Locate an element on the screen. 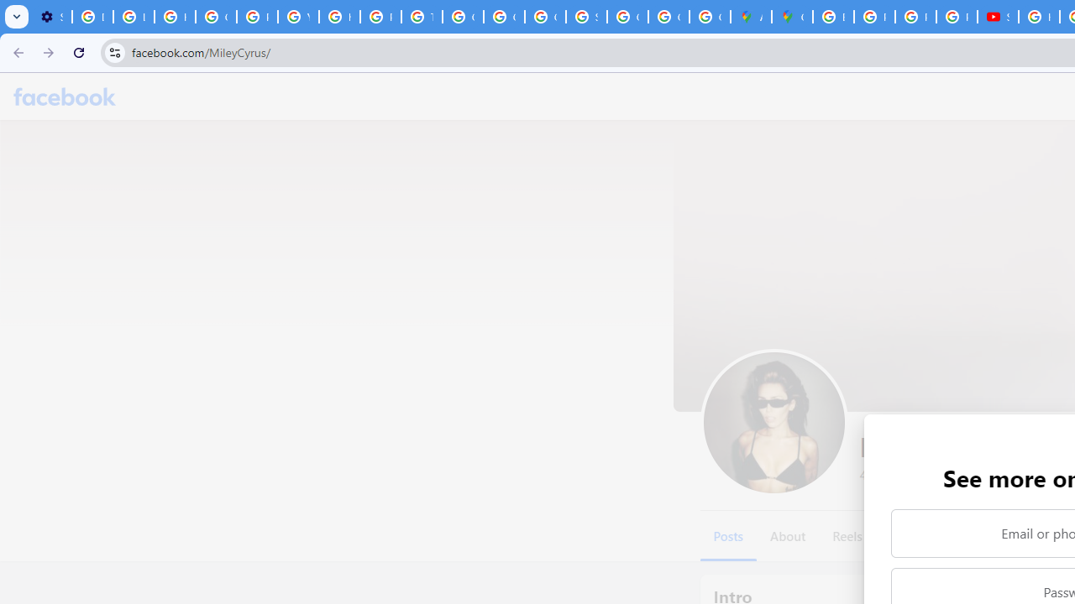 This screenshot has width=1075, height=604. 'Google Account Help' is located at coordinates (215, 17).